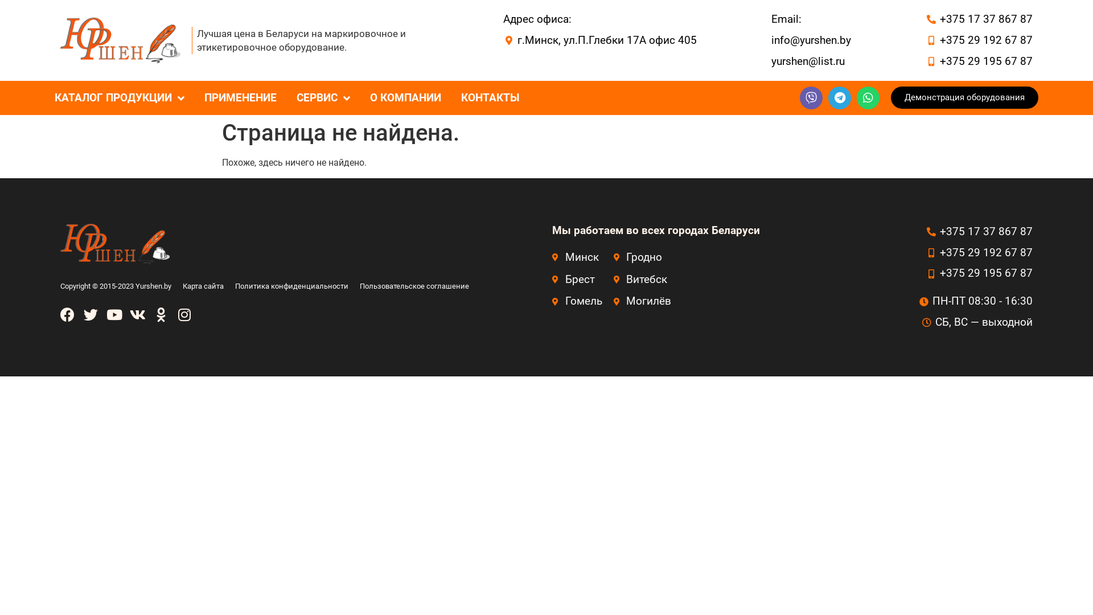  What do you see at coordinates (978, 61) in the screenshot?
I see `'+375 29 195 67 87'` at bounding box center [978, 61].